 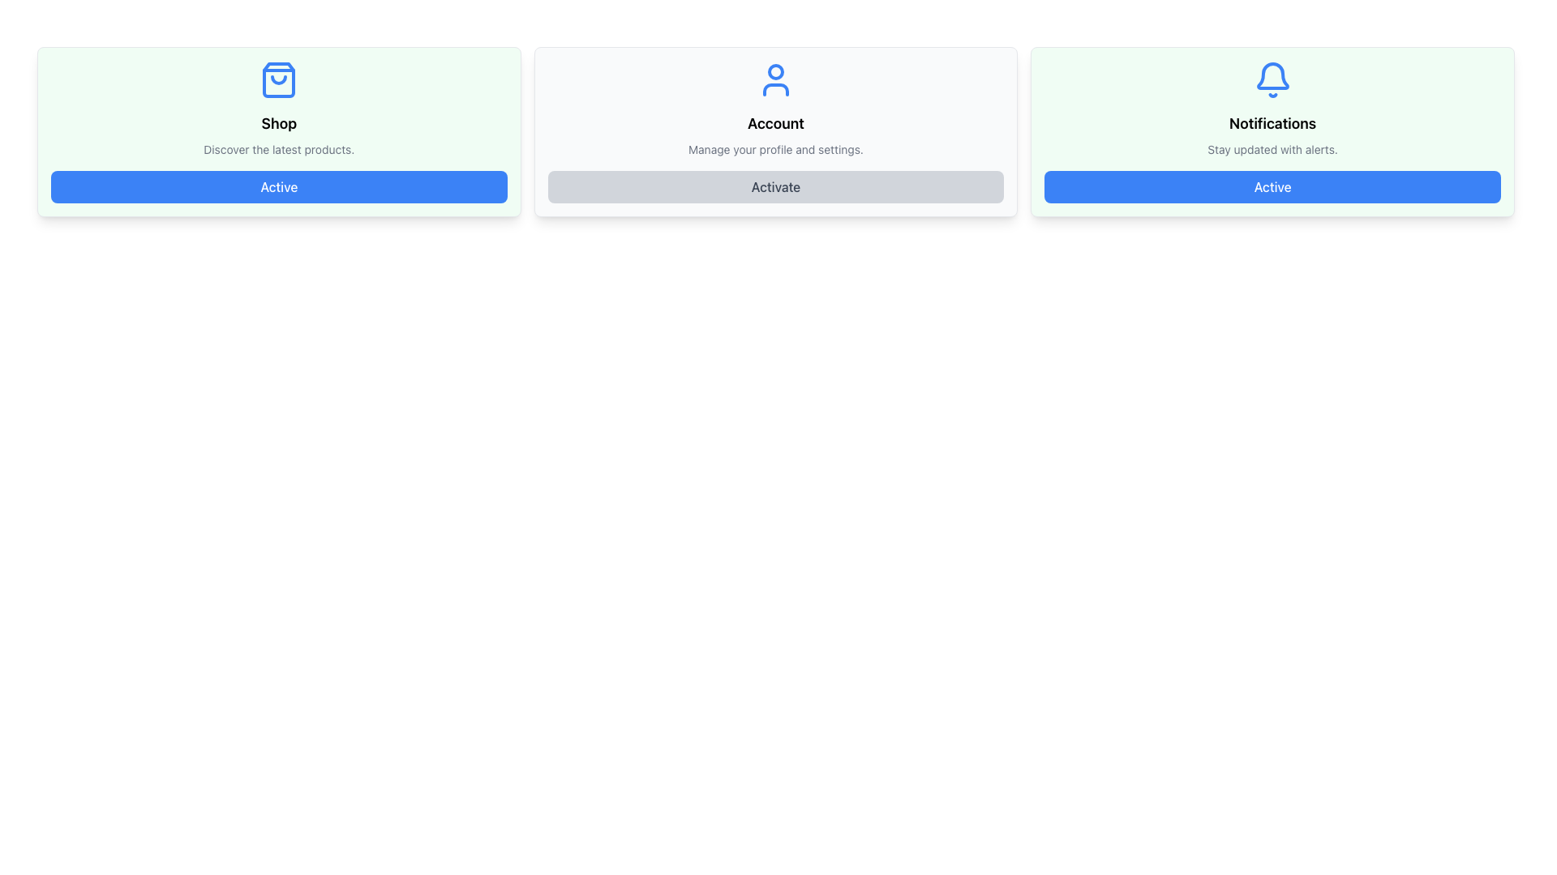 What do you see at coordinates (774, 80) in the screenshot?
I see `the user account profile icon located centrally above the 'Account' text and description in the middle card of three similar cards` at bounding box center [774, 80].